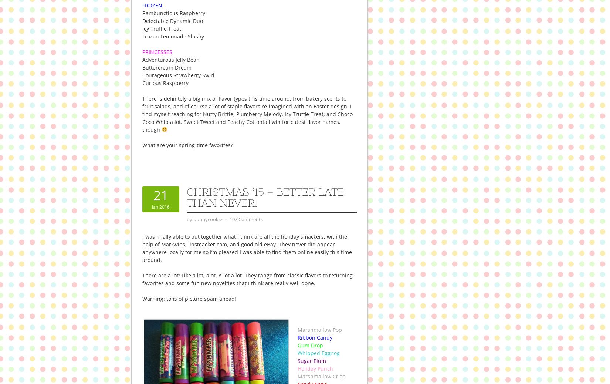  What do you see at coordinates (315, 368) in the screenshot?
I see `'Holiday Punch'` at bounding box center [315, 368].